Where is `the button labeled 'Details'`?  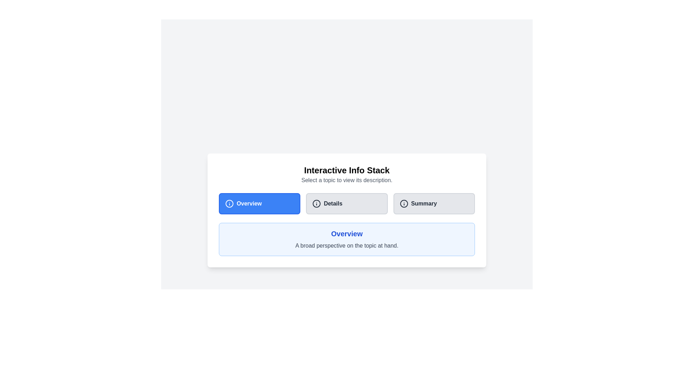 the button labeled 'Details' is located at coordinates (333, 203).